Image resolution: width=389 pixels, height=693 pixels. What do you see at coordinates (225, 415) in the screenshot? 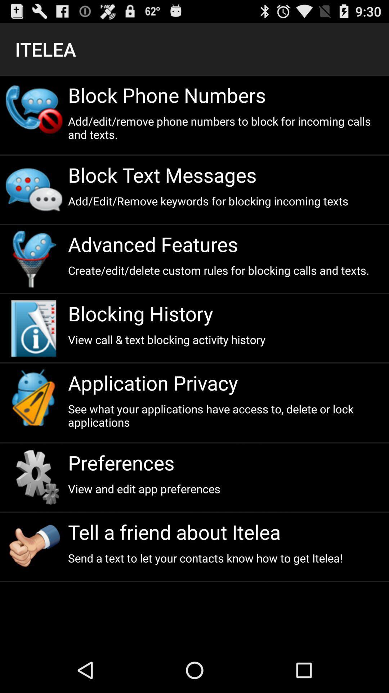
I see `the icon above preferences app` at bounding box center [225, 415].